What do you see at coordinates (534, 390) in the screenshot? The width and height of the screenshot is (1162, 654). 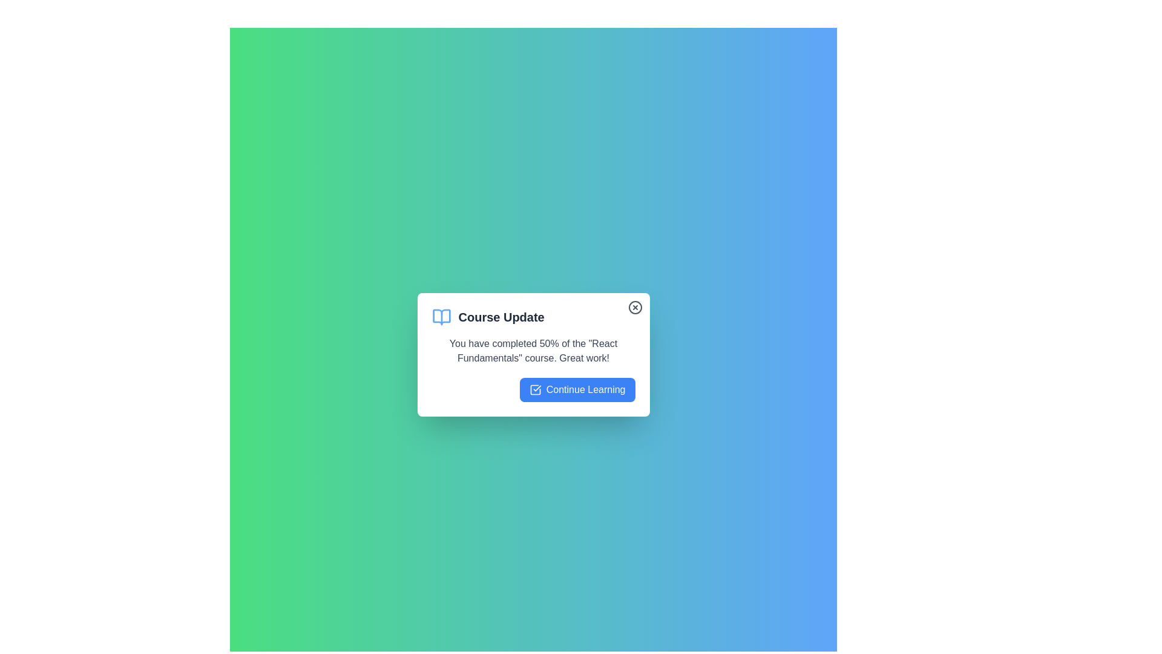 I see `the icon resembling a square with rounded corners, part of the notification card located at the top-left of the icon group containing a square and a checkmark` at bounding box center [534, 390].